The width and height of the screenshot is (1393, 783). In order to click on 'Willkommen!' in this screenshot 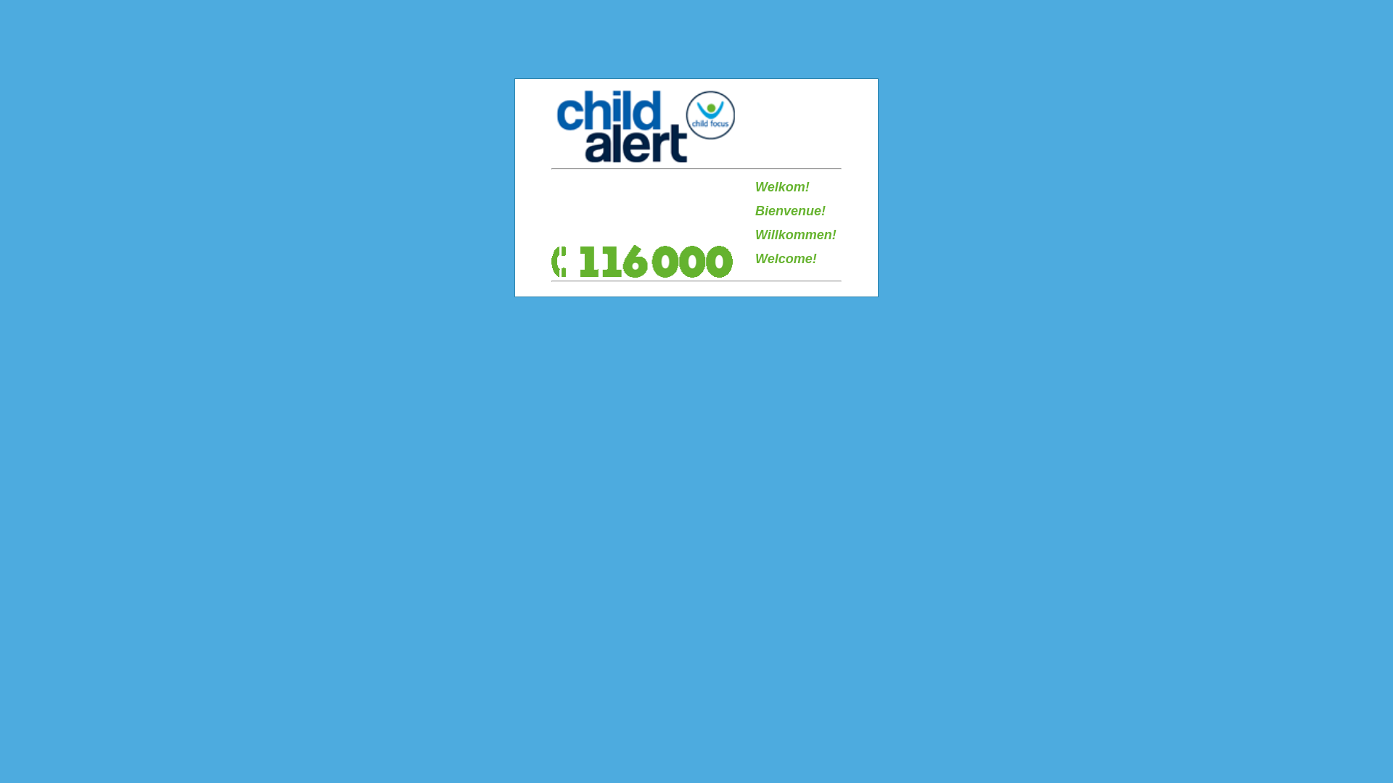, I will do `click(795, 234)`.